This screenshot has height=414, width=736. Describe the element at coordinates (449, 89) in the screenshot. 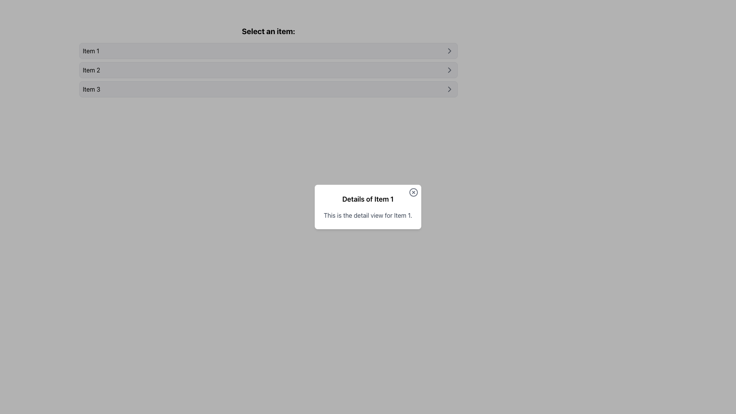

I see `the rightward-pointing chevron arrow icon located at the far-right of the list item labeled 'Item 3'` at that location.